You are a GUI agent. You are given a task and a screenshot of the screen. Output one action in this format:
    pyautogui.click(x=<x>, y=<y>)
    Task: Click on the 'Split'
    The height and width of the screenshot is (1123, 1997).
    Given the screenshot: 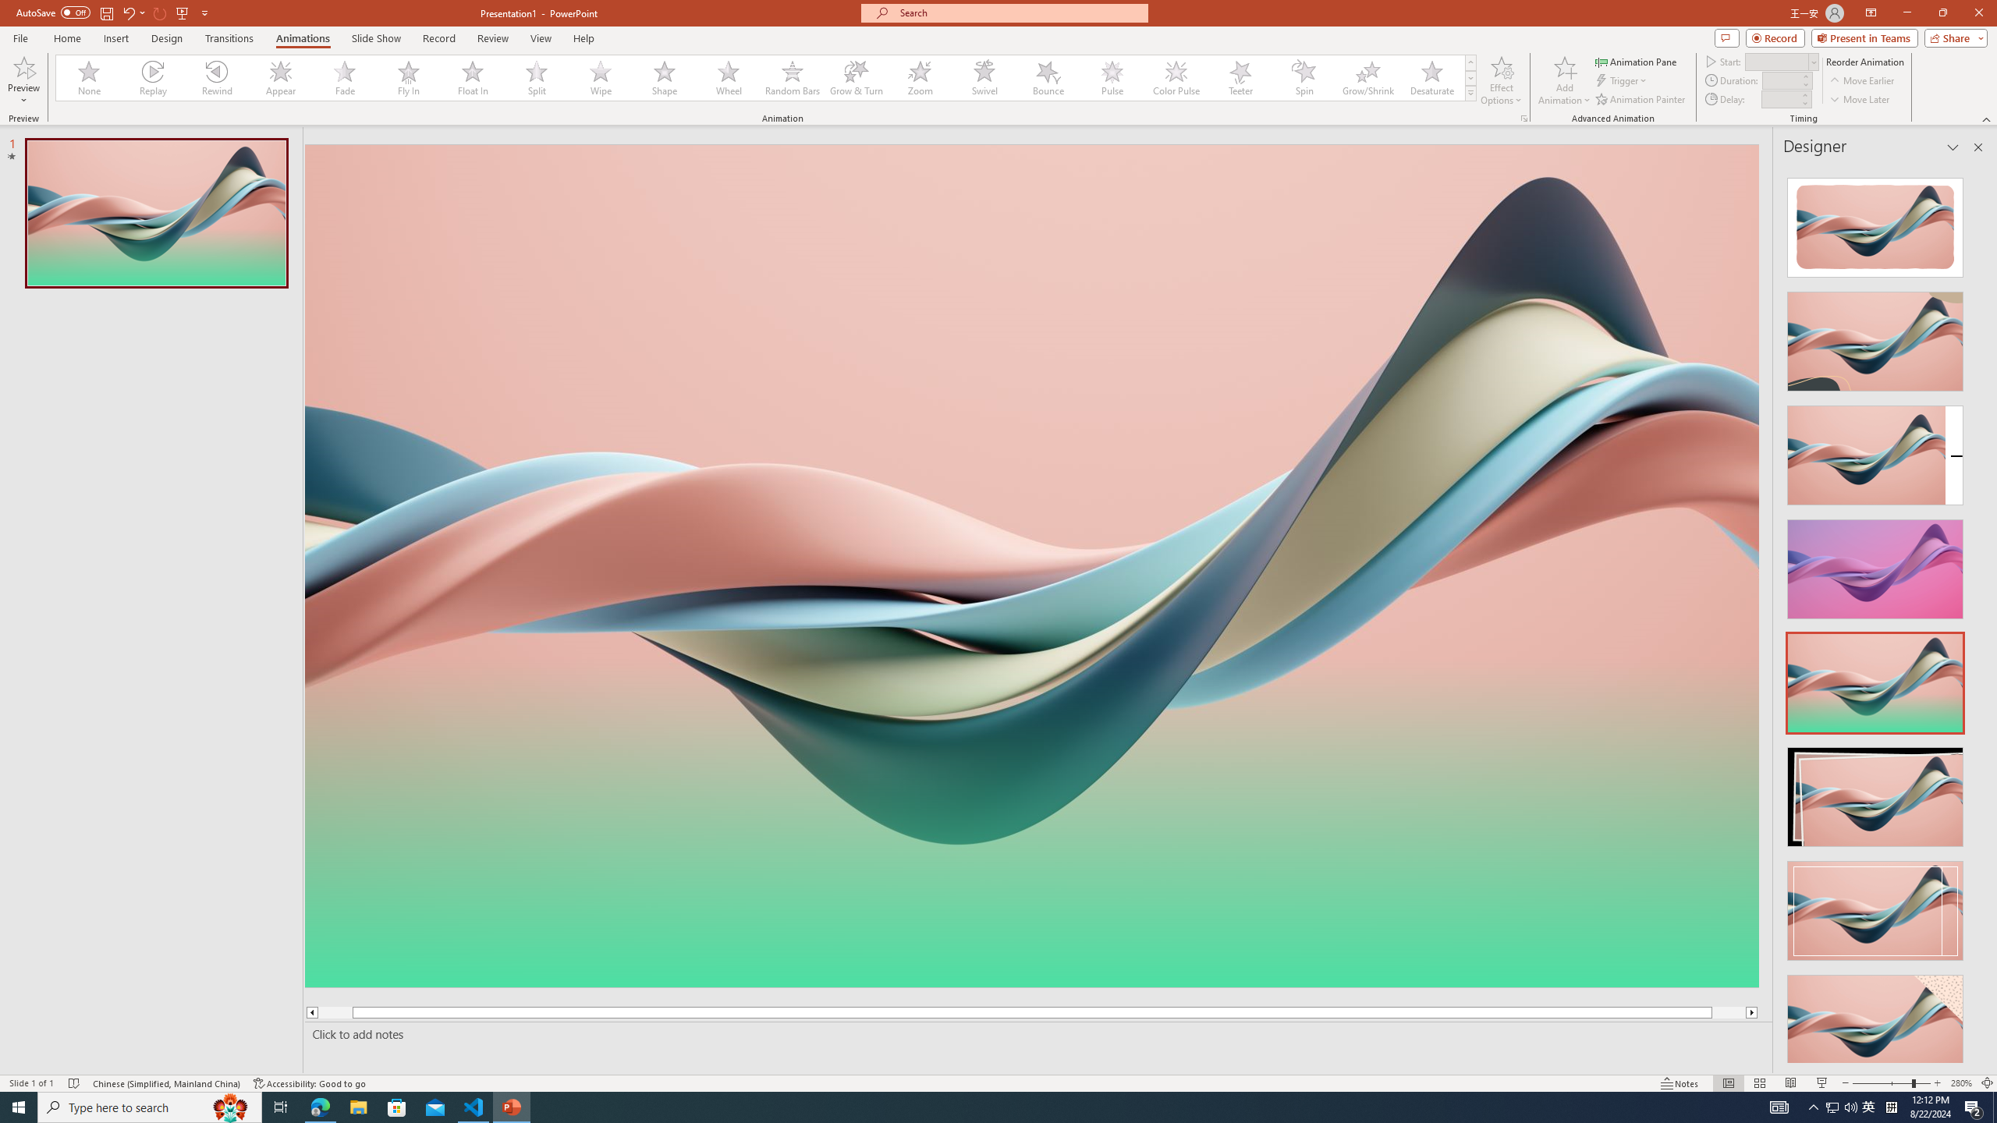 What is the action you would take?
    pyautogui.click(x=537, y=77)
    